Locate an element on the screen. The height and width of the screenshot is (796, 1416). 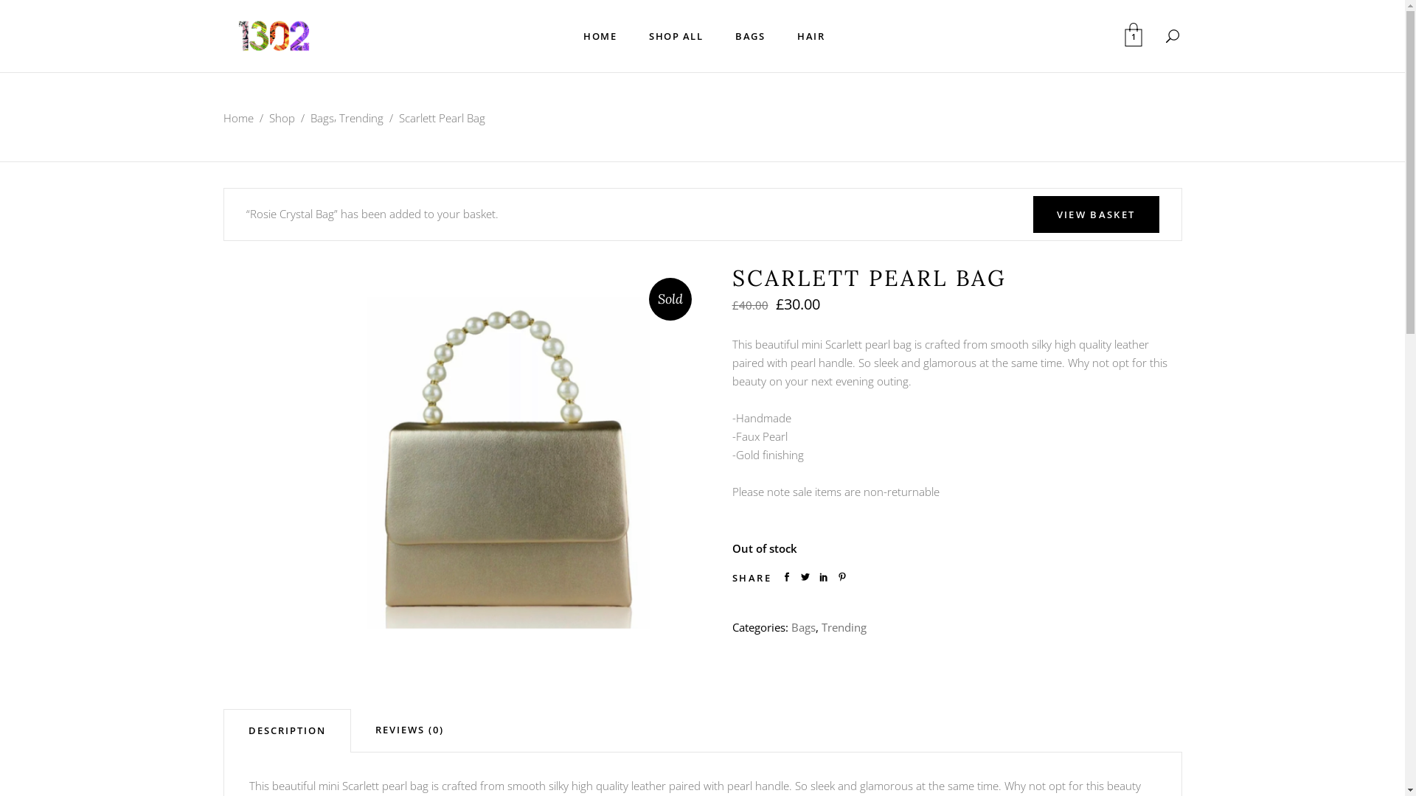
'BAGS' is located at coordinates (750, 35).